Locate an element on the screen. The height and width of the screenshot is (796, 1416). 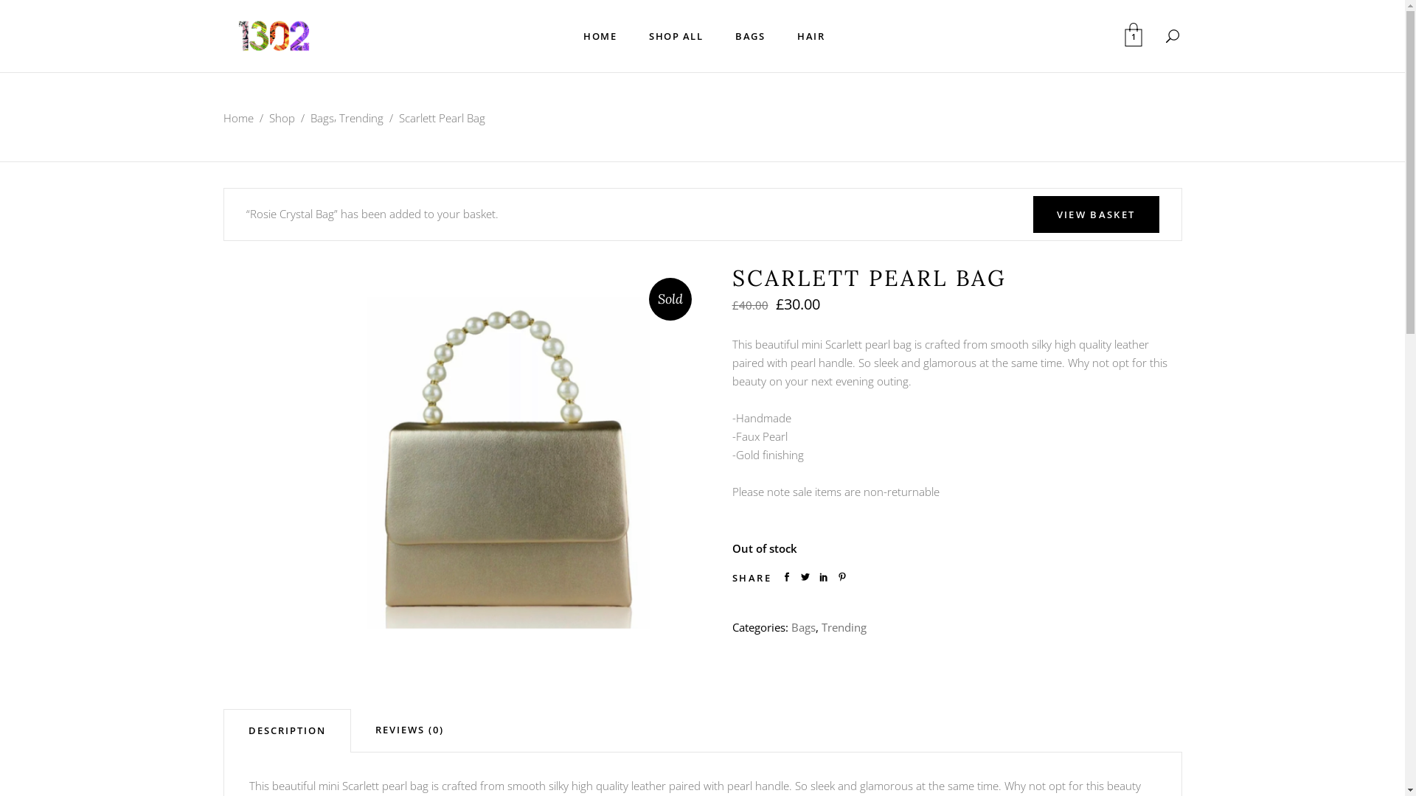
'BAGS' is located at coordinates (750, 35).